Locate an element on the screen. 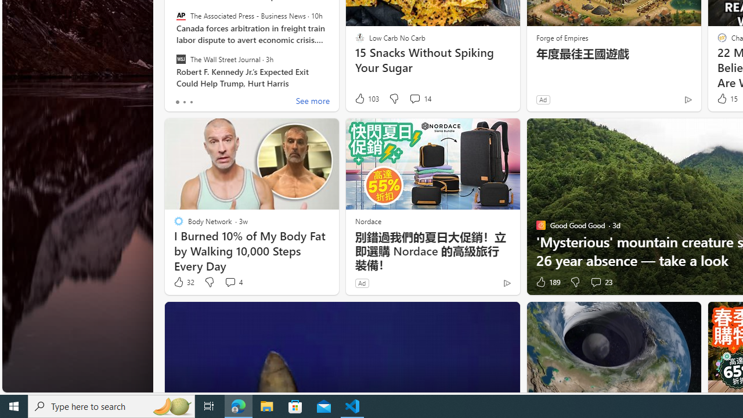  '189 Like' is located at coordinates (546, 282).